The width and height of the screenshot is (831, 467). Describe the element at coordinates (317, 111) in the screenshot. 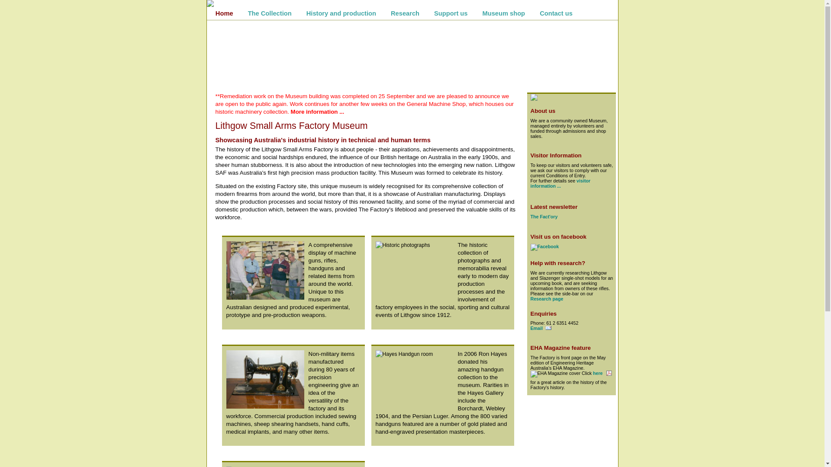

I see `'More information ...'` at that location.